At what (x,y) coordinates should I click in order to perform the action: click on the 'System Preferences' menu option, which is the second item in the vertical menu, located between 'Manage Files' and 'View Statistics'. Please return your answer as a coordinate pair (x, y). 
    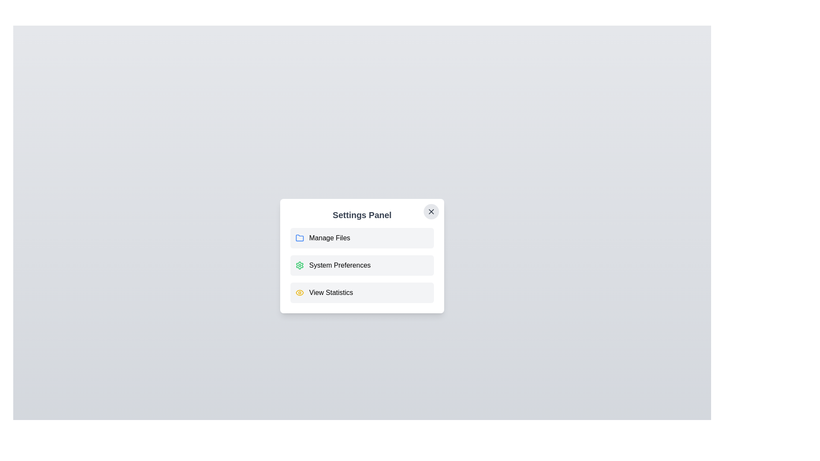
    Looking at the image, I should click on (362, 265).